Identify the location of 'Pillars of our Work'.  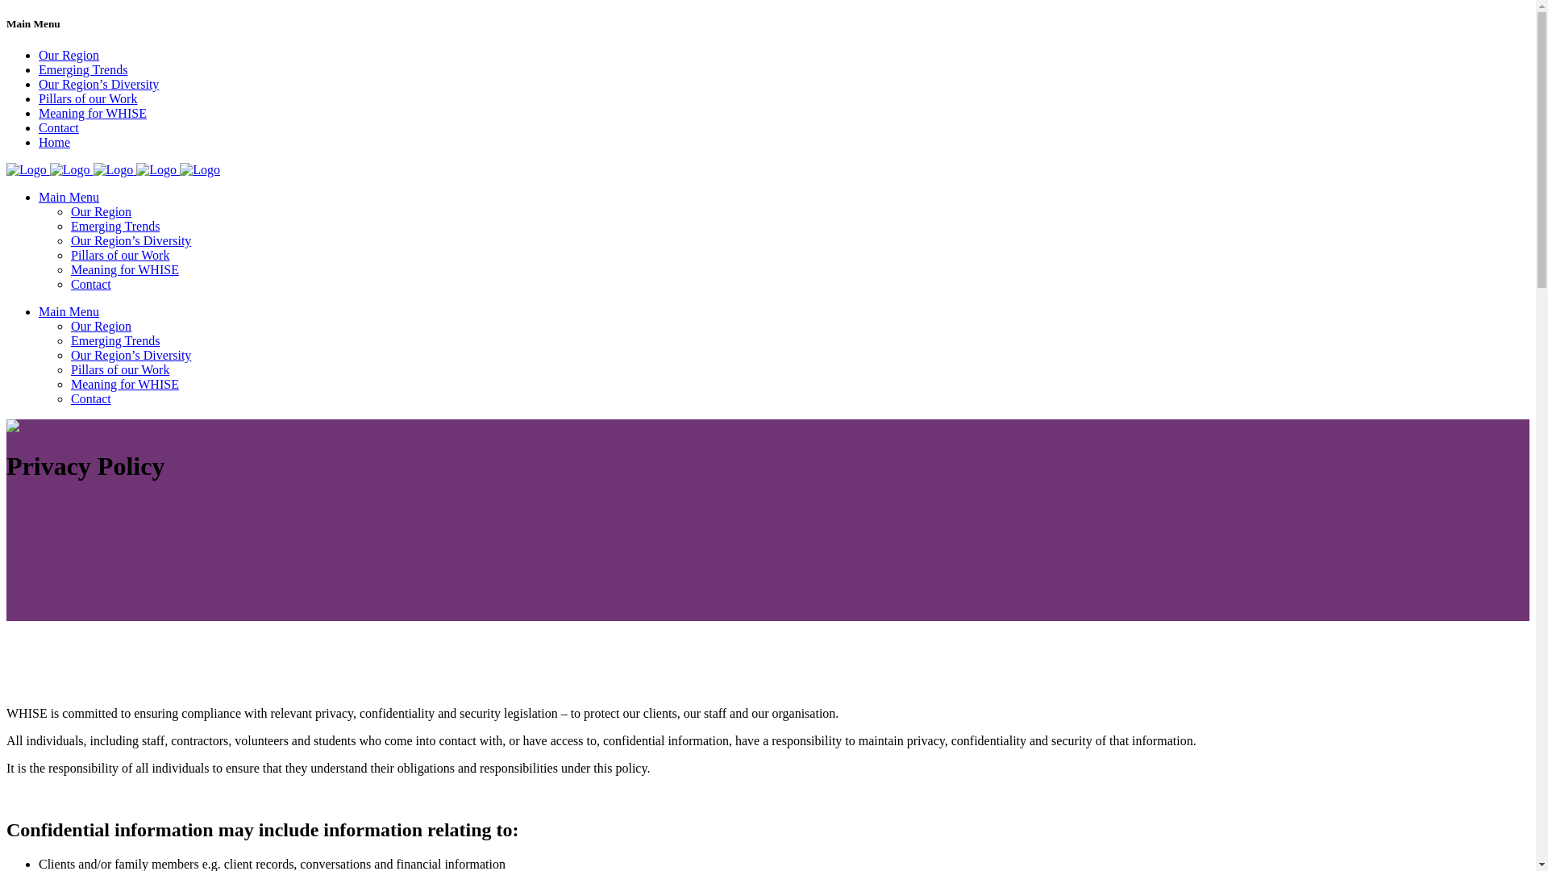
(119, 369).